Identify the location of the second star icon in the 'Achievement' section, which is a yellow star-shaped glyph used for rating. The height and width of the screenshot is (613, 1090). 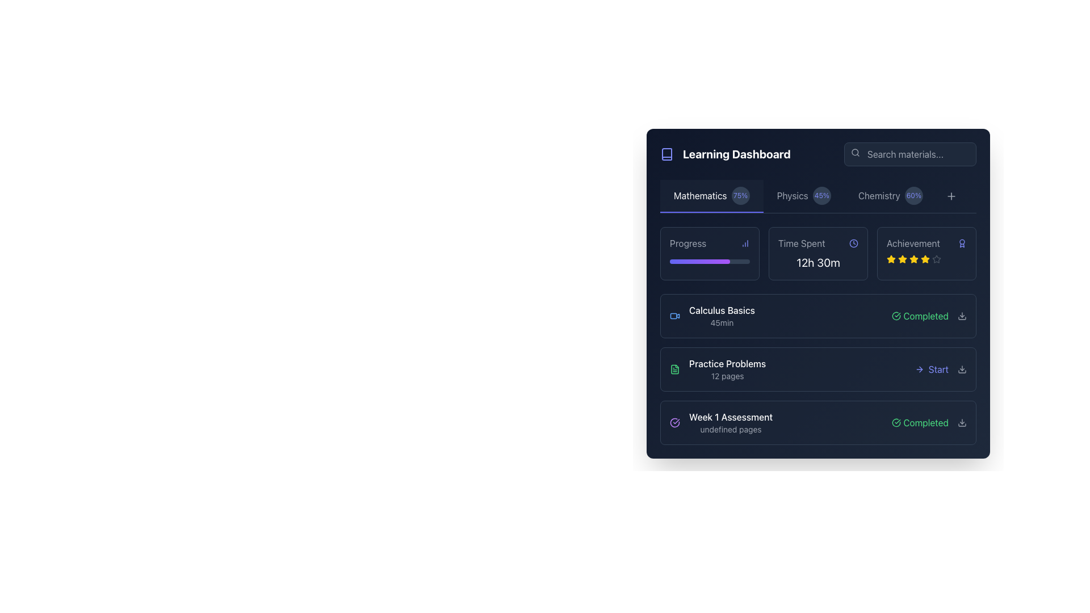
(902, 259).